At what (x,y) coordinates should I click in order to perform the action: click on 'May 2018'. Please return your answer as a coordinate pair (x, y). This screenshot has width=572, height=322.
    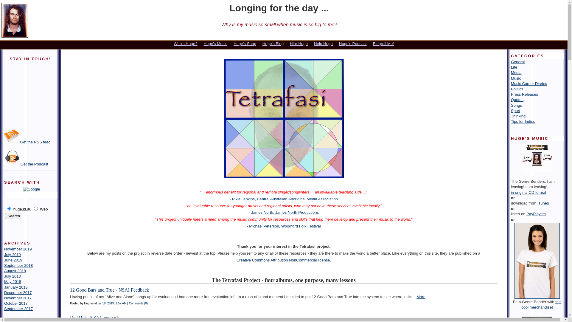
    Looking at the image, I should click on (13, 281).